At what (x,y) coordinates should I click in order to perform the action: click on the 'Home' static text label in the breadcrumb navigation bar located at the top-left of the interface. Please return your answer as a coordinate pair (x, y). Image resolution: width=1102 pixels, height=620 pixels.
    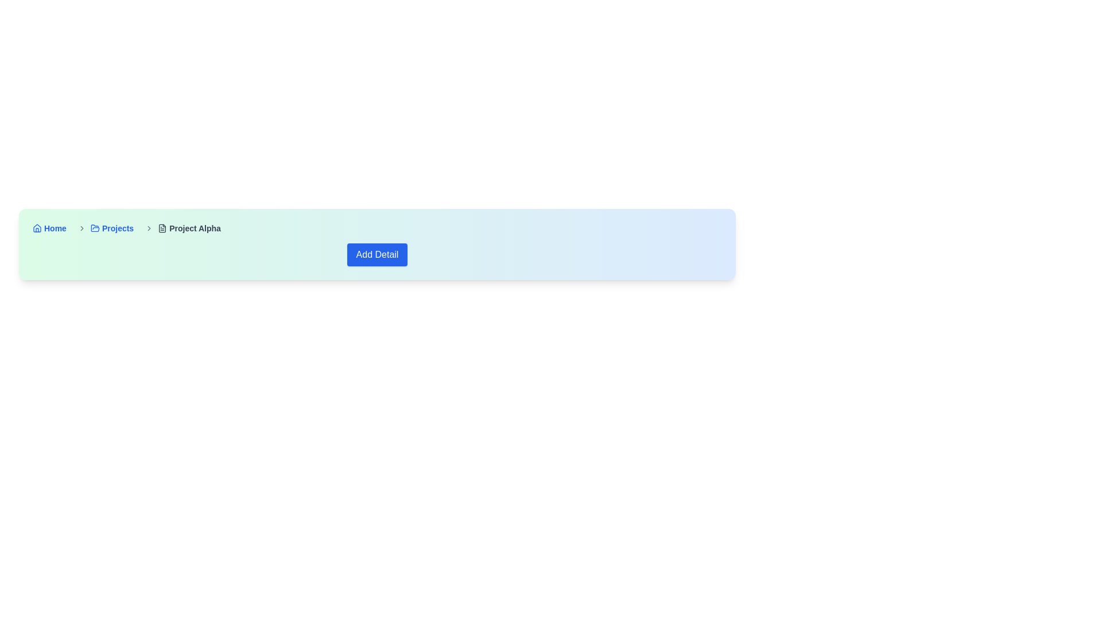
    Looking at the image, I should click on (55, 228).